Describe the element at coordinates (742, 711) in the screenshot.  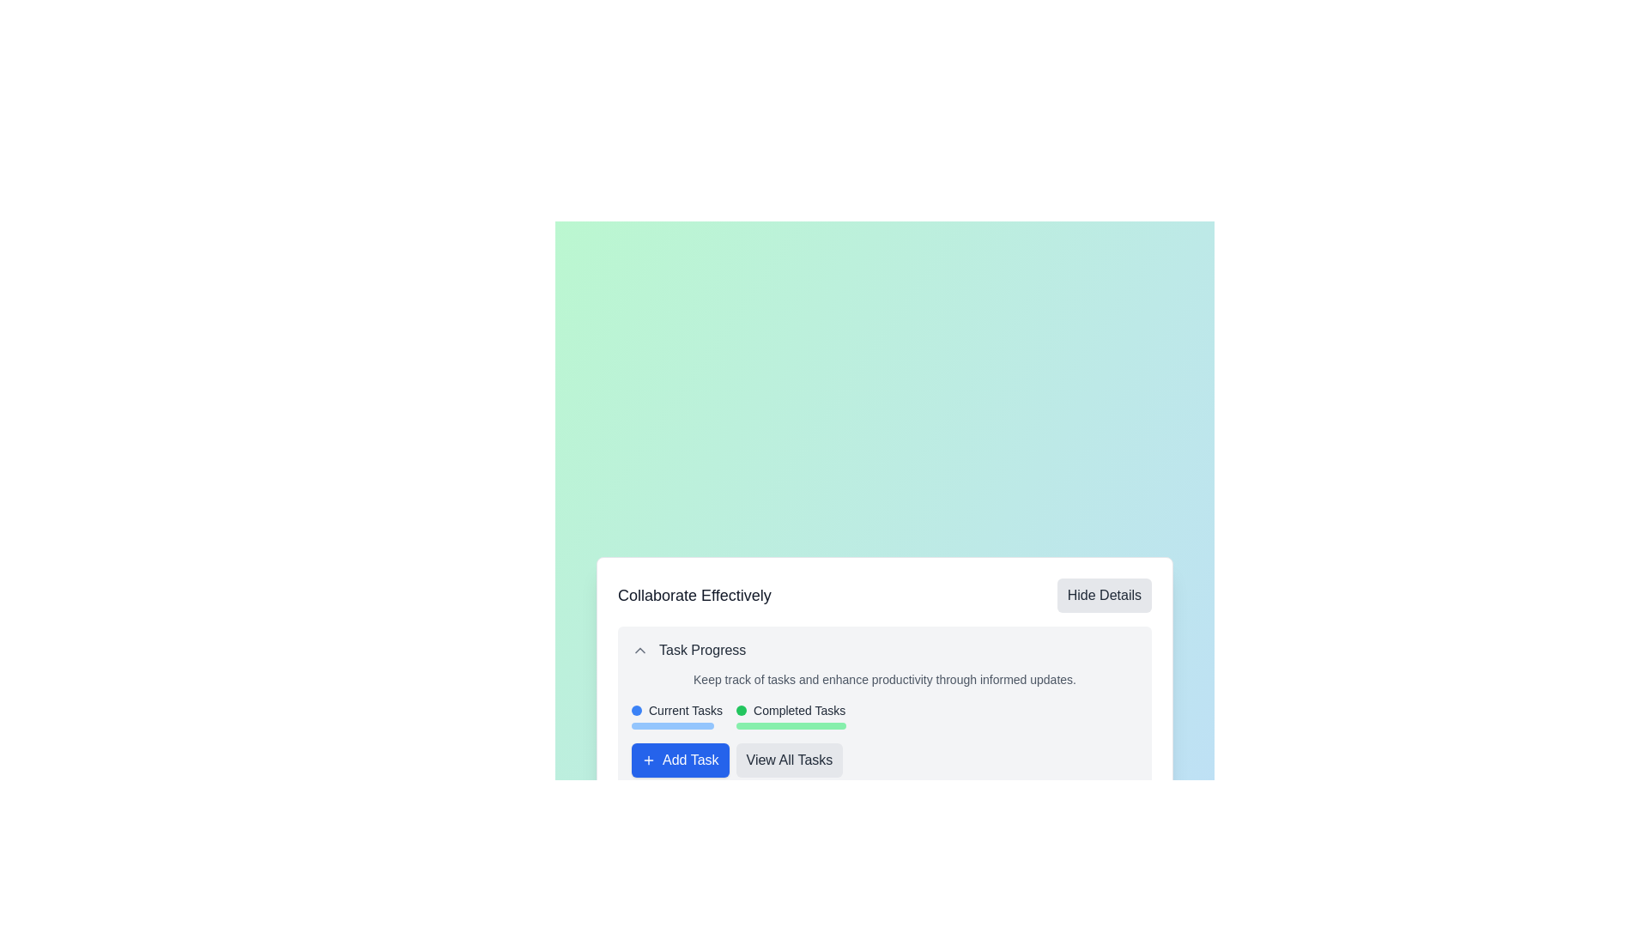
I see `the small, circular green indicator dot located to the left of the 'Completed Tasks' label` at that location.